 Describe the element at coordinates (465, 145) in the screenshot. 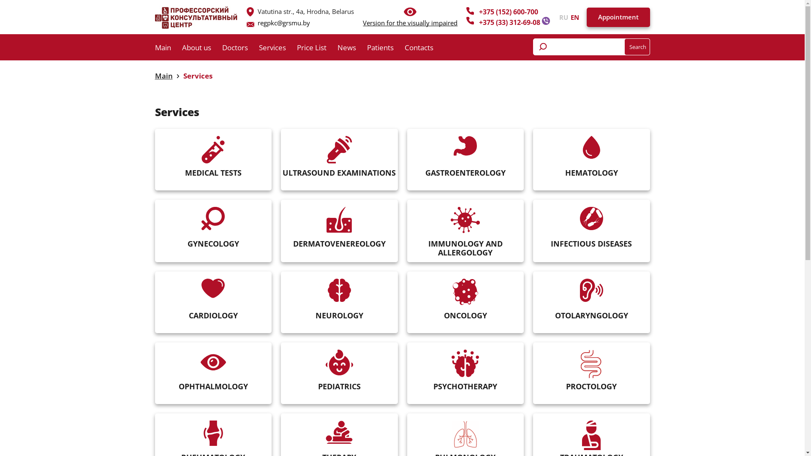

I see `'Gastroenterology'` at that location.